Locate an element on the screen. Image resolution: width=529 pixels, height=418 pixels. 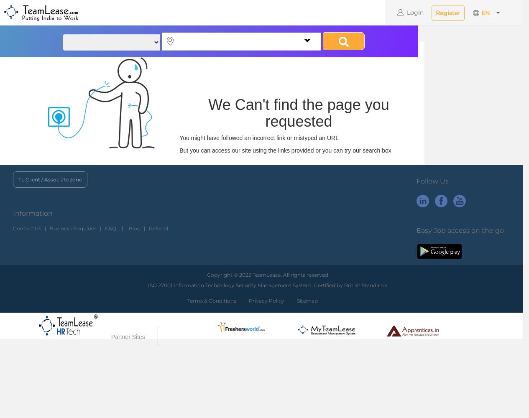
'Blog' is located at coordinates (134, 228).